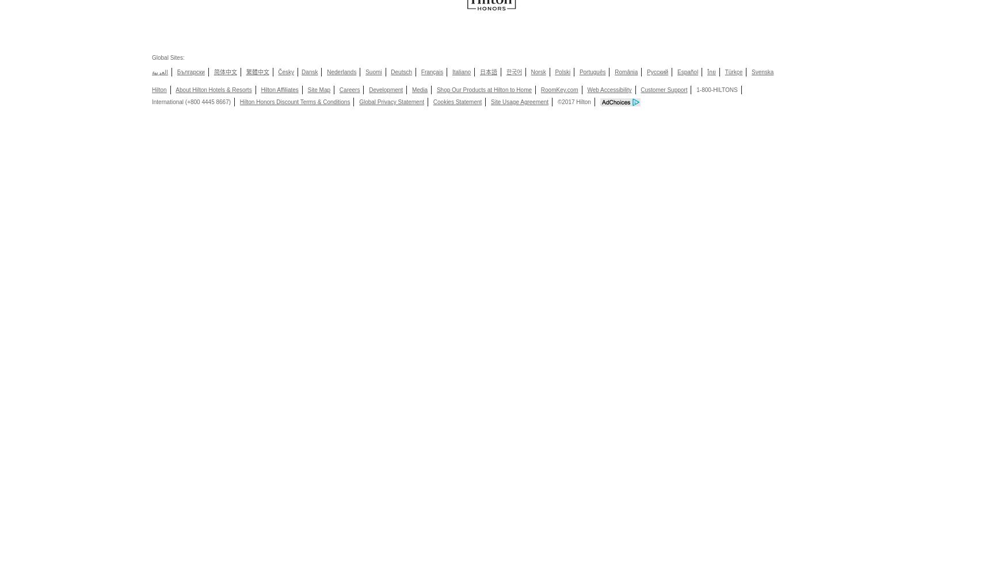 This screenshot has height=575, width=983. Describe the element at coordinates (295, 102) in the screenshot. I see `'Hilton Honors Discount Terms & Conditions'` at that location.